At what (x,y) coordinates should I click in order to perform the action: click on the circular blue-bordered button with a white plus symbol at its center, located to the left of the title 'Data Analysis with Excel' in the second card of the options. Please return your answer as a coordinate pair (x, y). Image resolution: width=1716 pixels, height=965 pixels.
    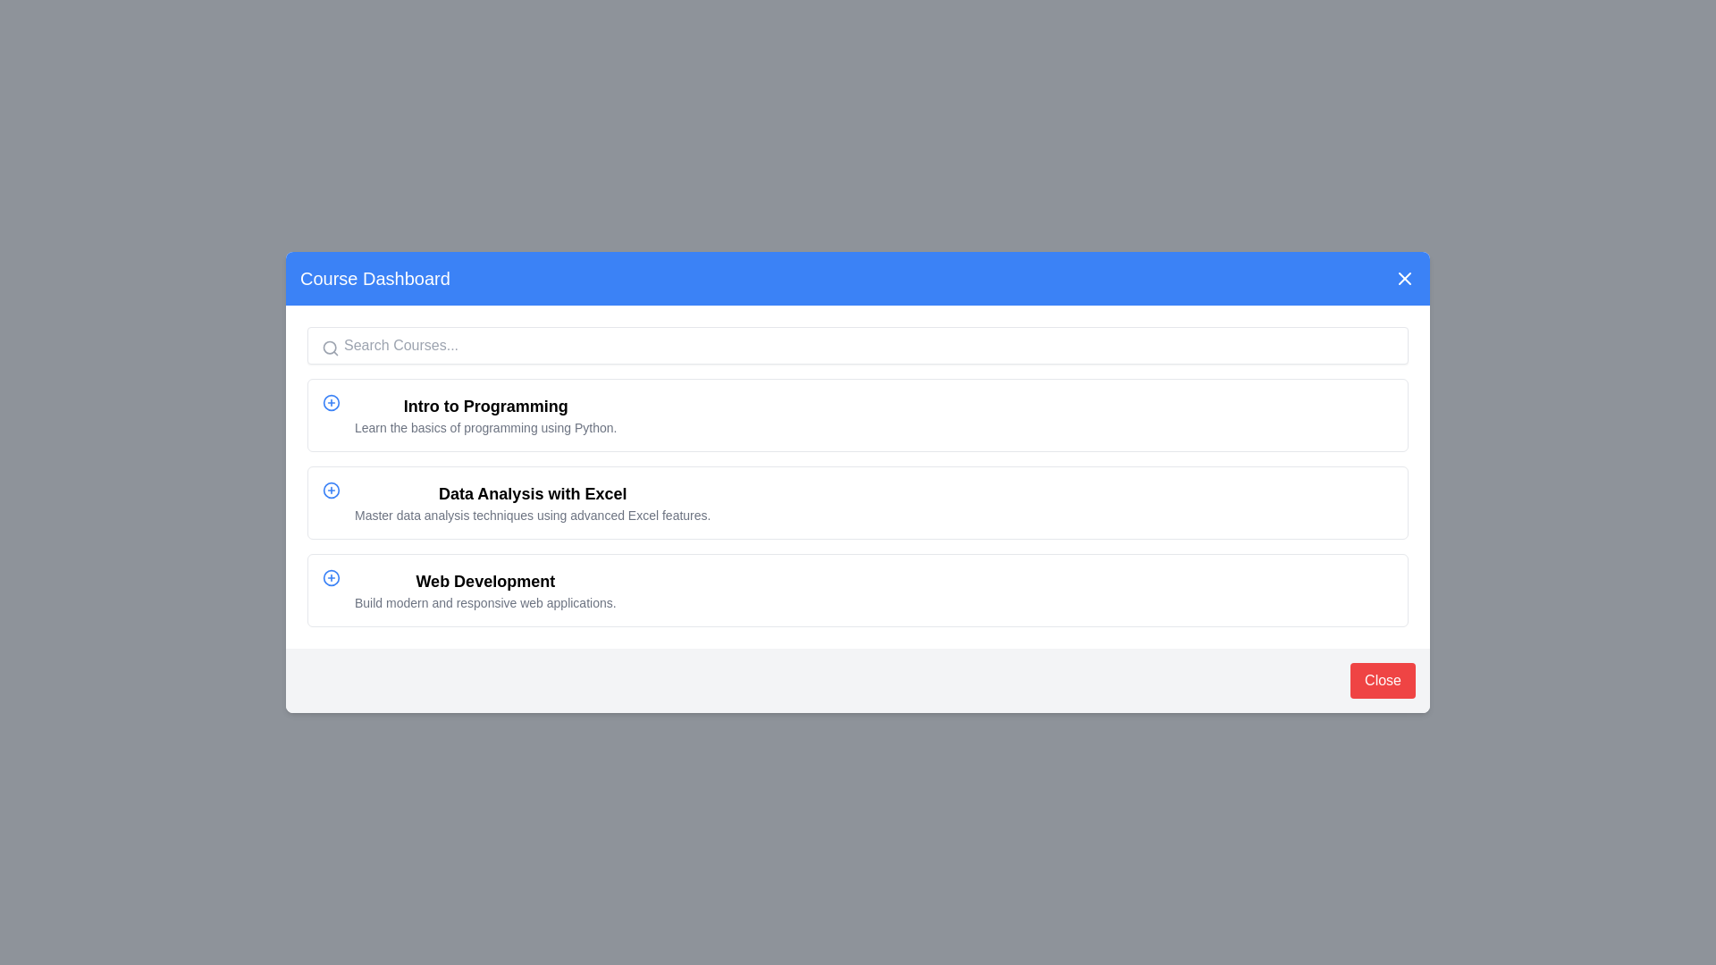
    Looking at the image, I should click on (331, 490).